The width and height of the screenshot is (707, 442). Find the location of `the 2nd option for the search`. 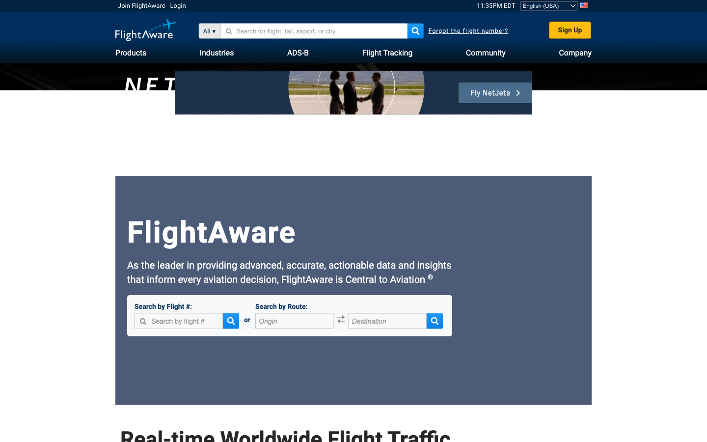

the 2nd option for the search is located at coordinates (233, 30).